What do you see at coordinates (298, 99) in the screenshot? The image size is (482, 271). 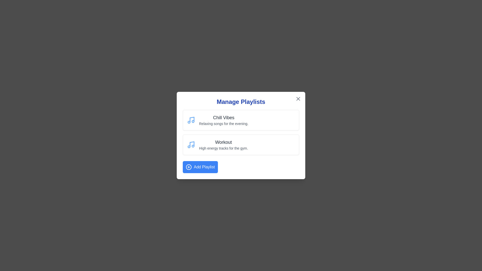 I see `the small 'X' icon close button located in the top-right corner of the modal window` at bounding box center [298, 99].